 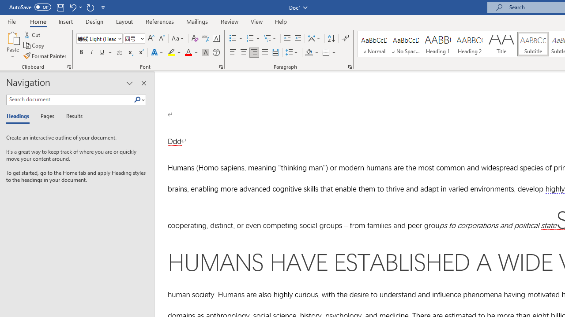 I want to click on 'Line and Paragraph Spacing', so click(x=292, y=52).